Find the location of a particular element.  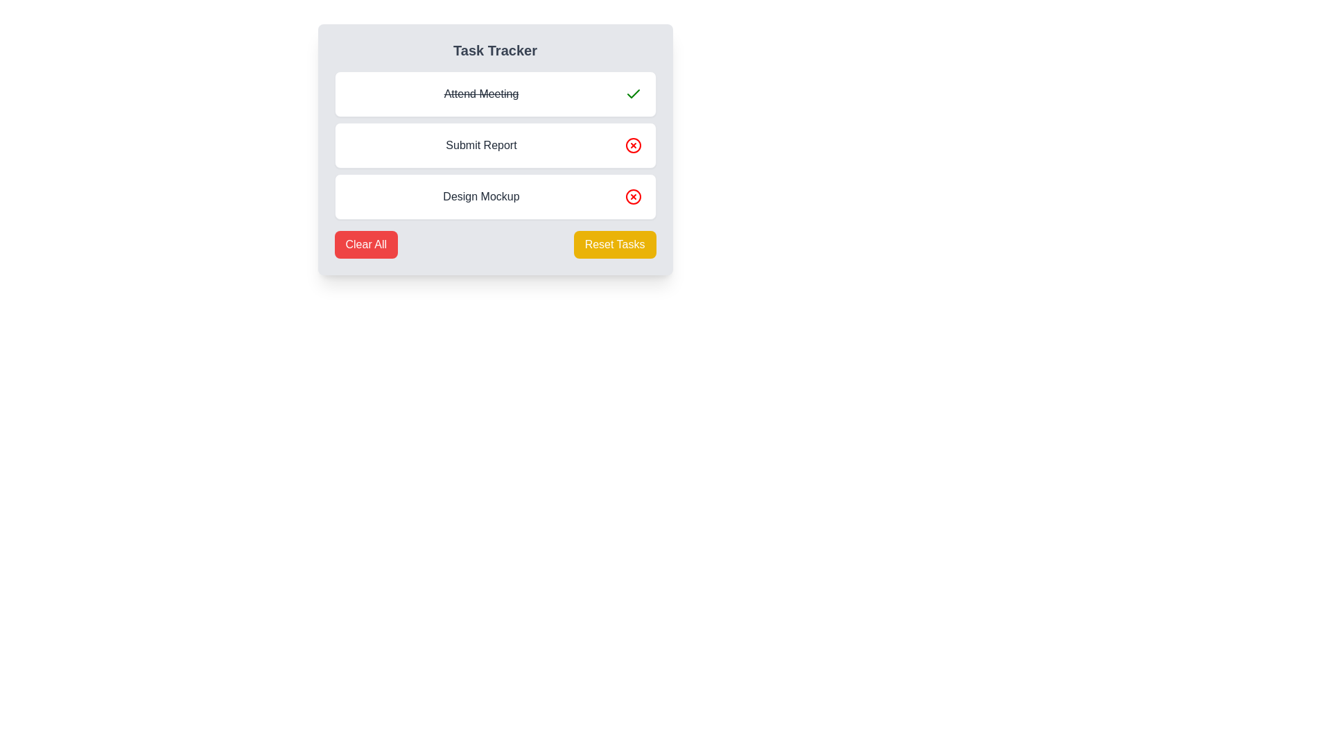

the small circular button icon with a red border and an 'X' symbol inside, located at the right end of the row labeled 'Design Mockup' is located at coordinates (632, 197).